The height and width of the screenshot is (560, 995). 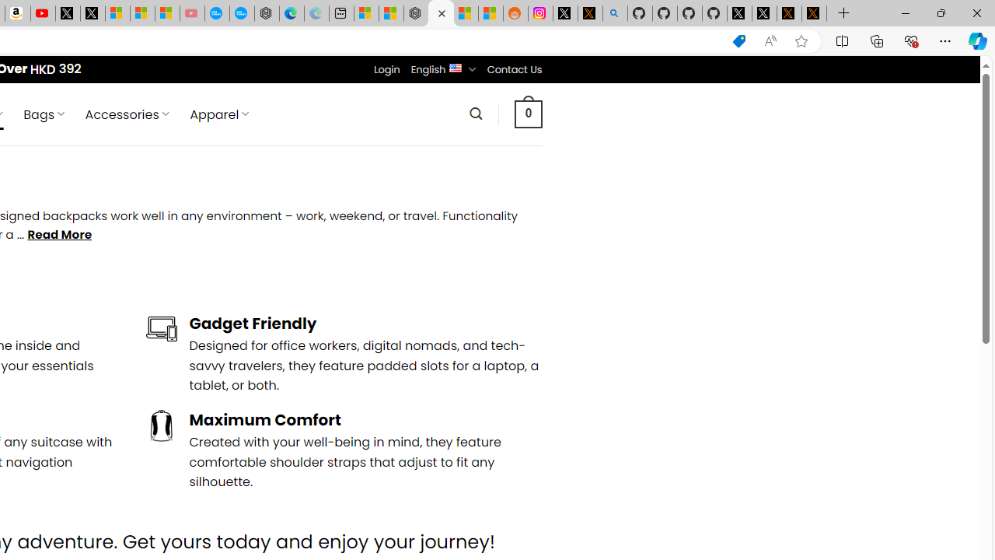 What do you see at coordinates (59, 235) in the screenshot?
I see `'Read More'` at bounding box center [59, 235].